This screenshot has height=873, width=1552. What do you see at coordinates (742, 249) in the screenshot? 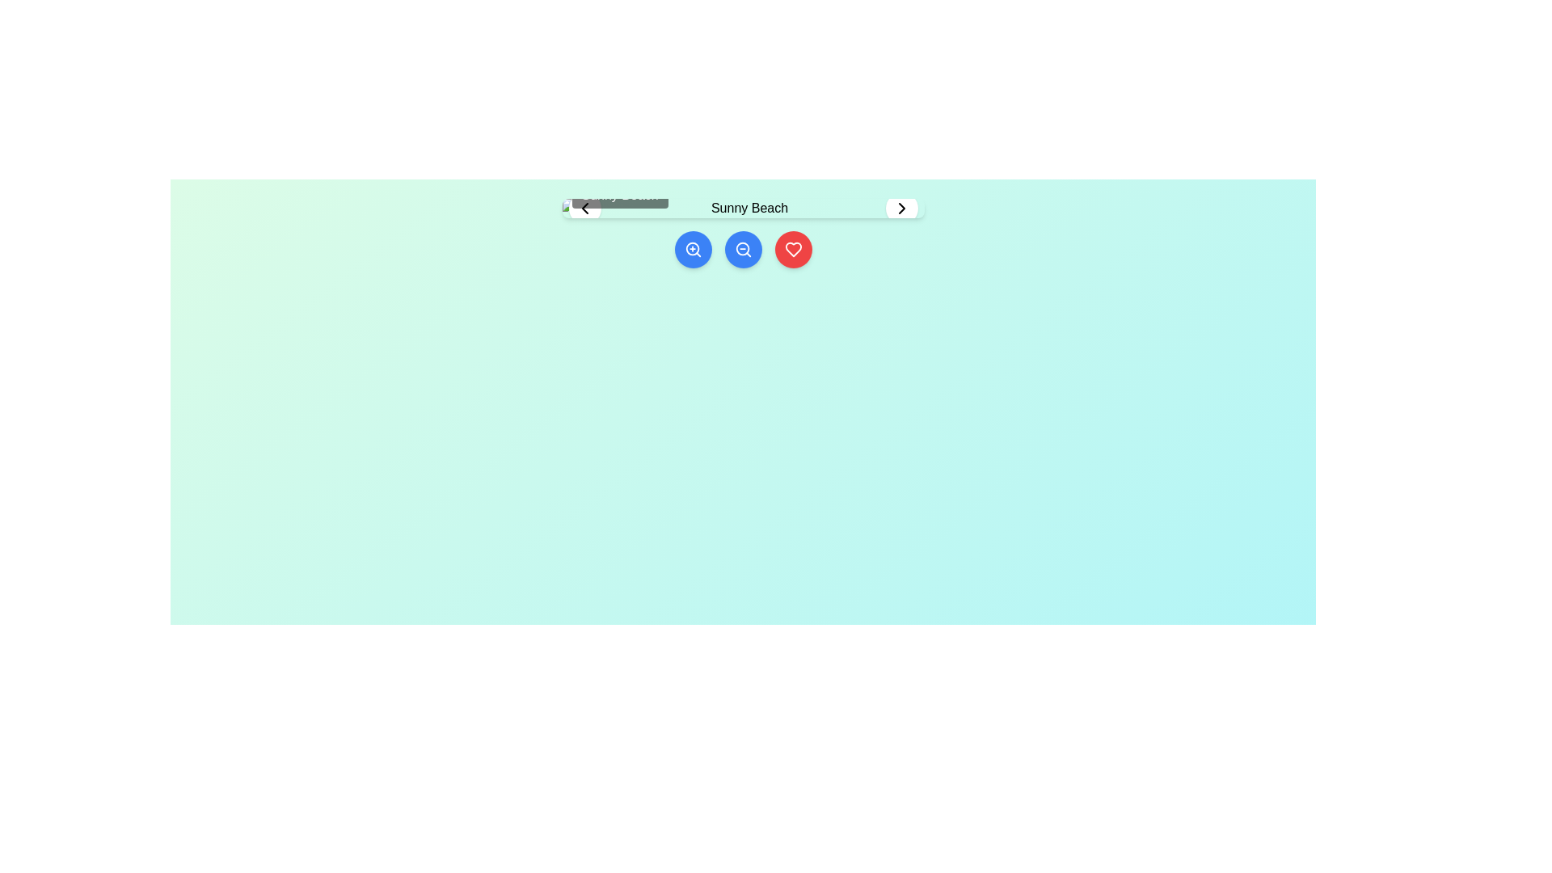
I see `the circular blue button with a magnifying glass icon, located under the 'Sunny Beach' label, to activate hover effects` at bounding box center [742, 249].